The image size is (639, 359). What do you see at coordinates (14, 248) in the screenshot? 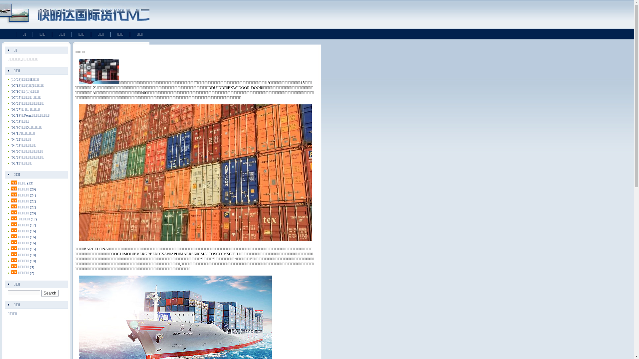
I see `'rss'` at bounding box center [14, 248].